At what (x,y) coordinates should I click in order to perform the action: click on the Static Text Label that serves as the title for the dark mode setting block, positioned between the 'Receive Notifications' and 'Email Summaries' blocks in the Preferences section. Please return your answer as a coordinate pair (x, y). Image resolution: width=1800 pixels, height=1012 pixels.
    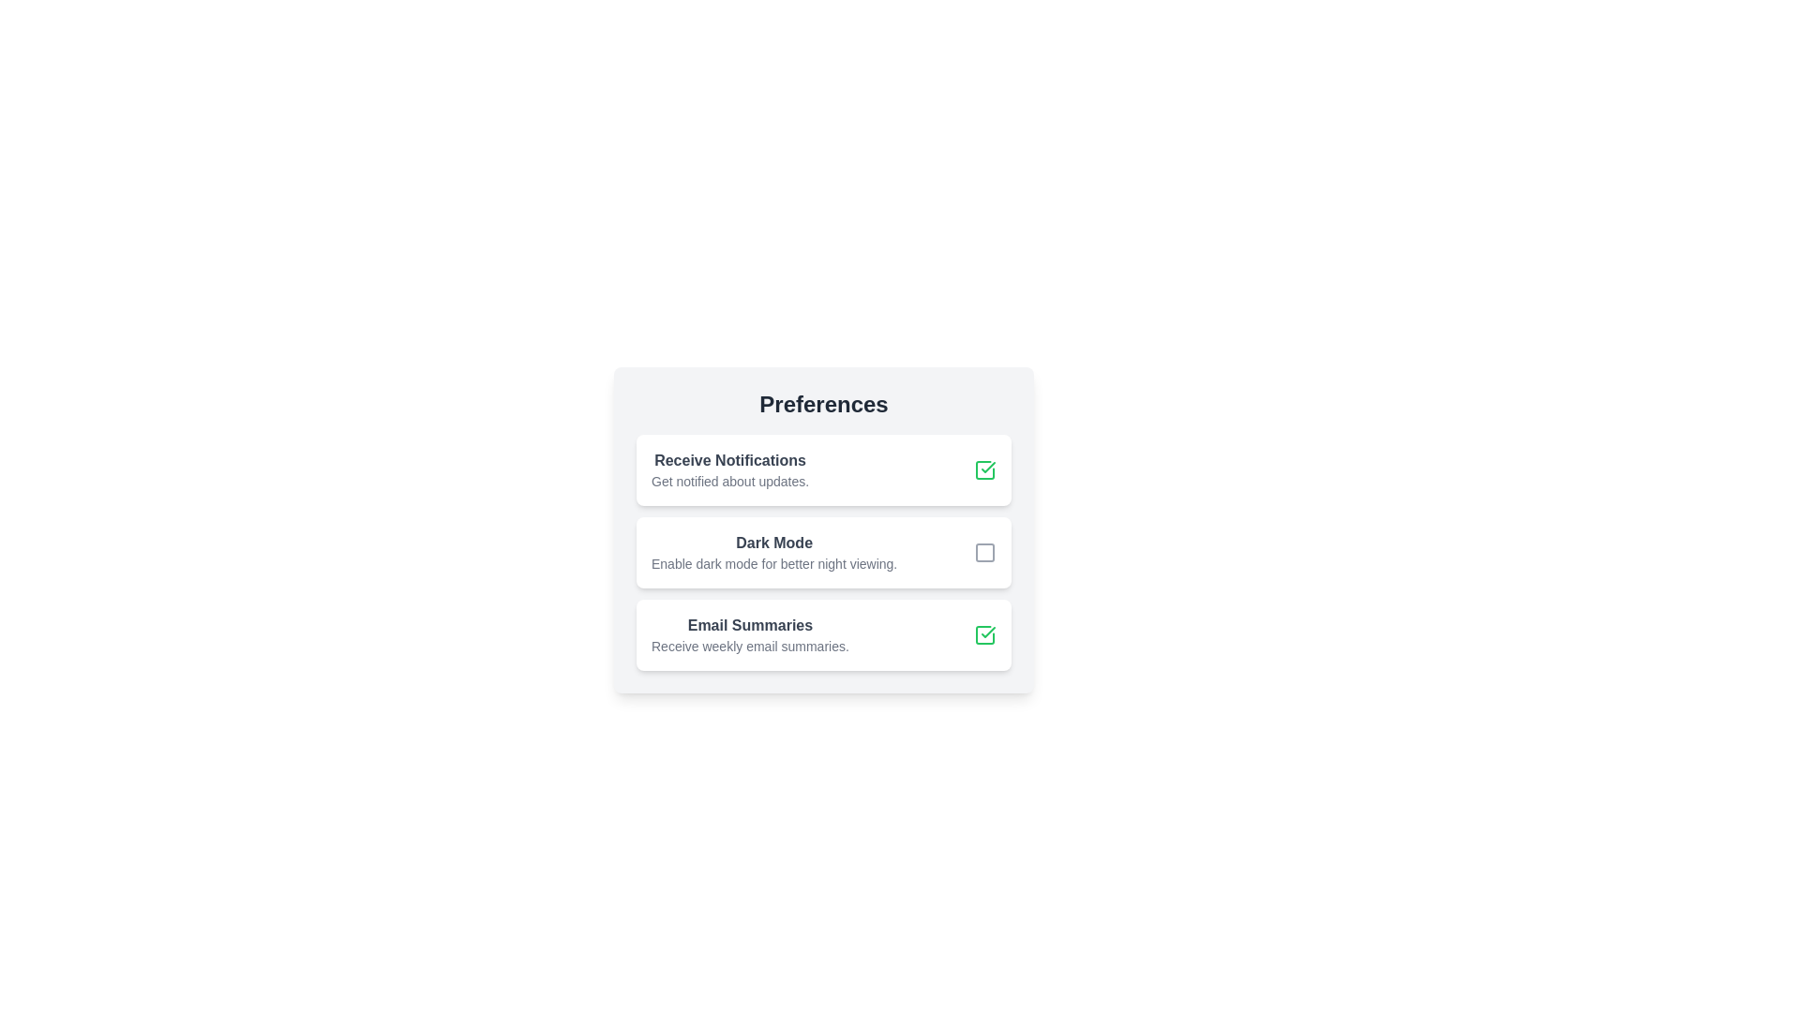
    Looking at the image, I should click on (774, 543).